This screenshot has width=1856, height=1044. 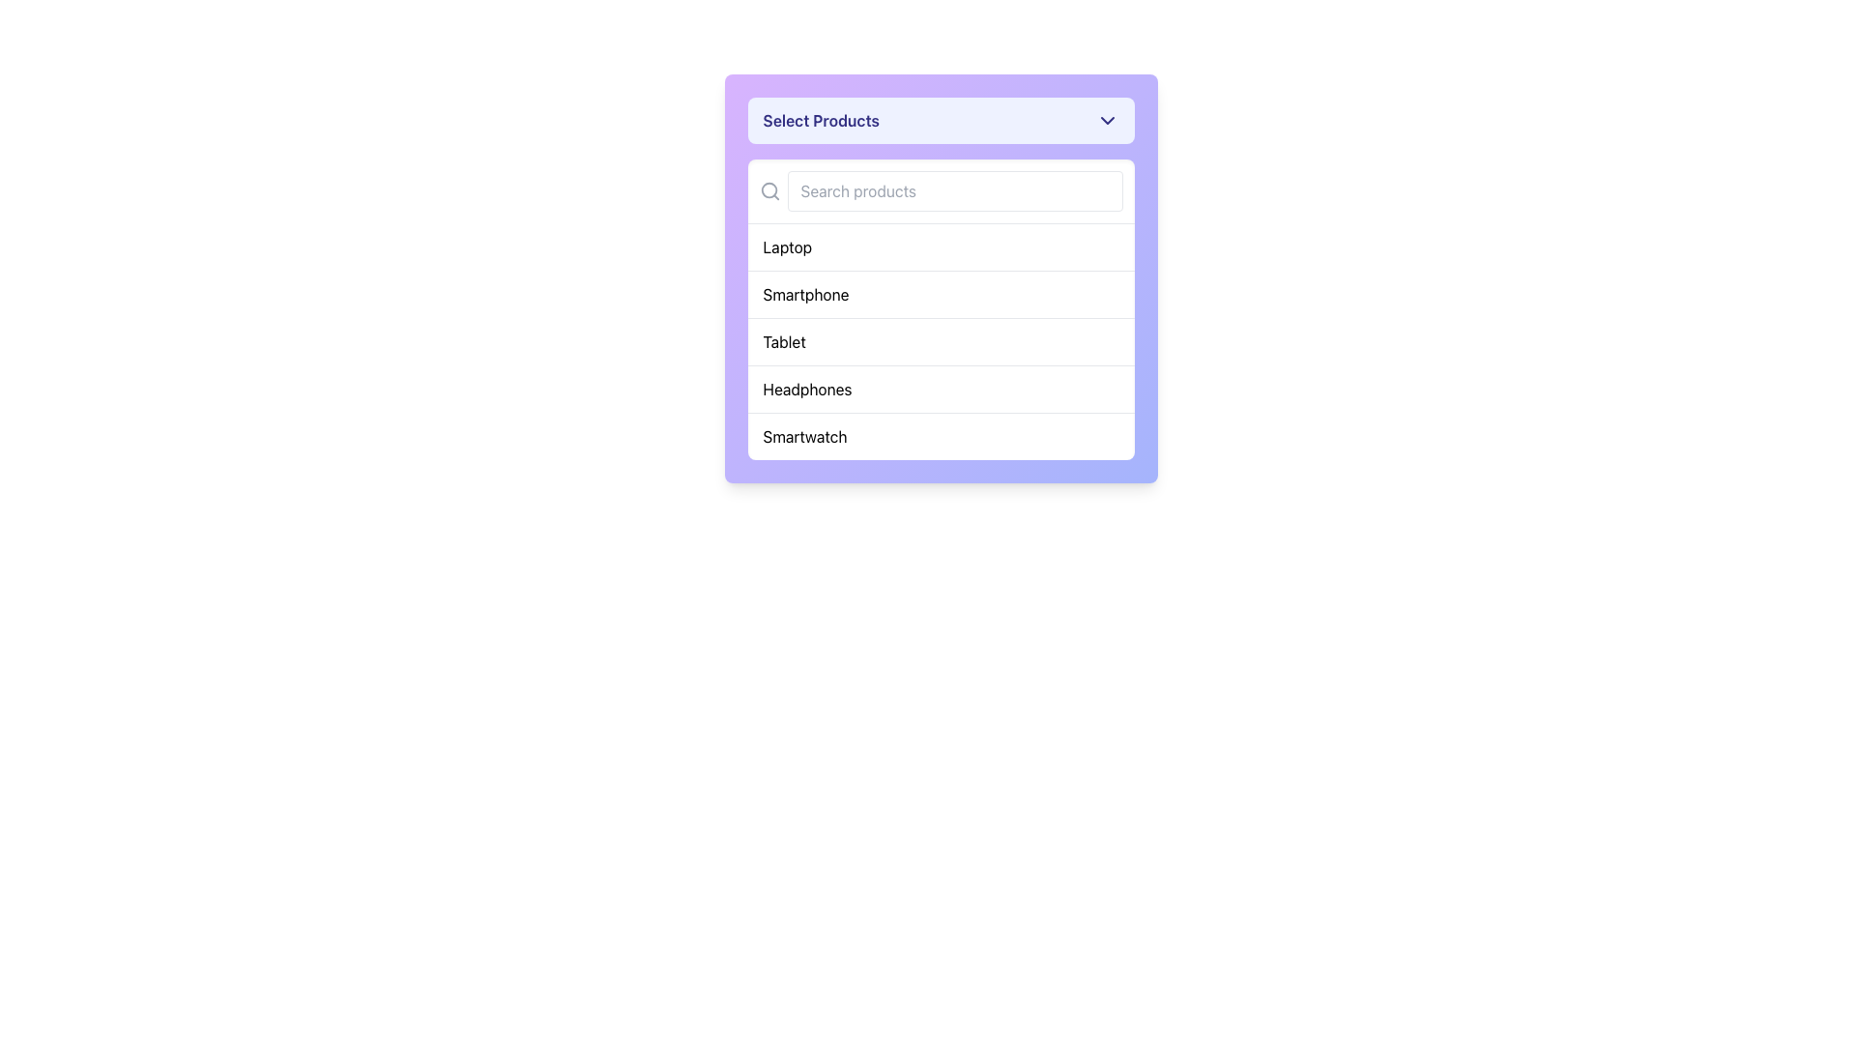 I want to click on the 'Smartwatch' category dropdown option, which is the fifth item in the vertical dropdown list located towards the bottom center of the application interface, so click(x=941, y=436).